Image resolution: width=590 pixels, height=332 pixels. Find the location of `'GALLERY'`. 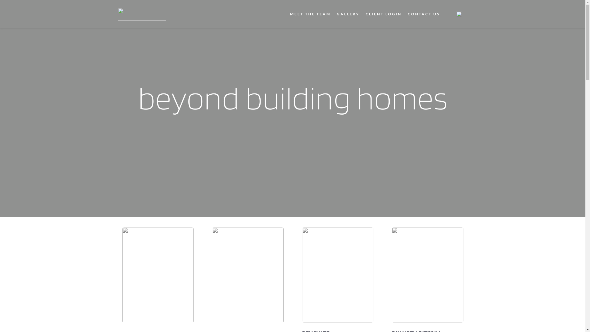

'GALLERY' is located at coordinates (335, 14).